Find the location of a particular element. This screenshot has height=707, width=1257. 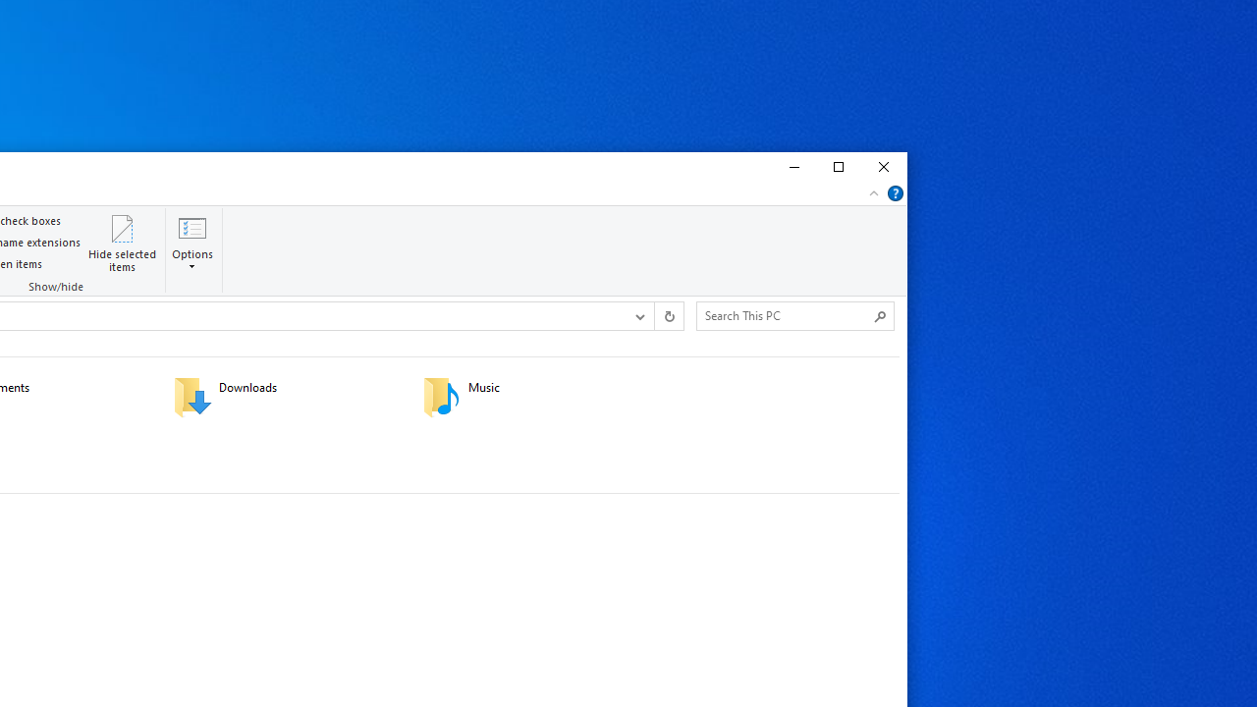

'Downloads' is located at coordinates (285, 396).